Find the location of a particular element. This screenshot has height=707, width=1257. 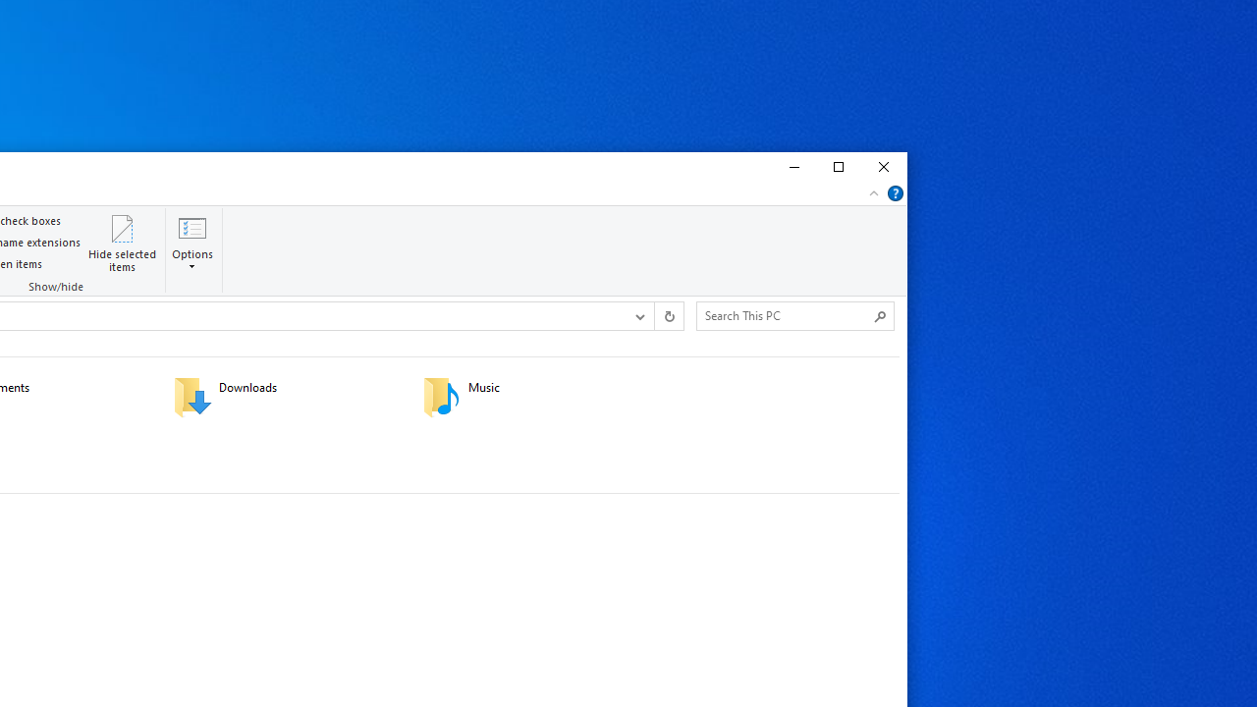

'Downloads' is located at coordinates (285, 396).